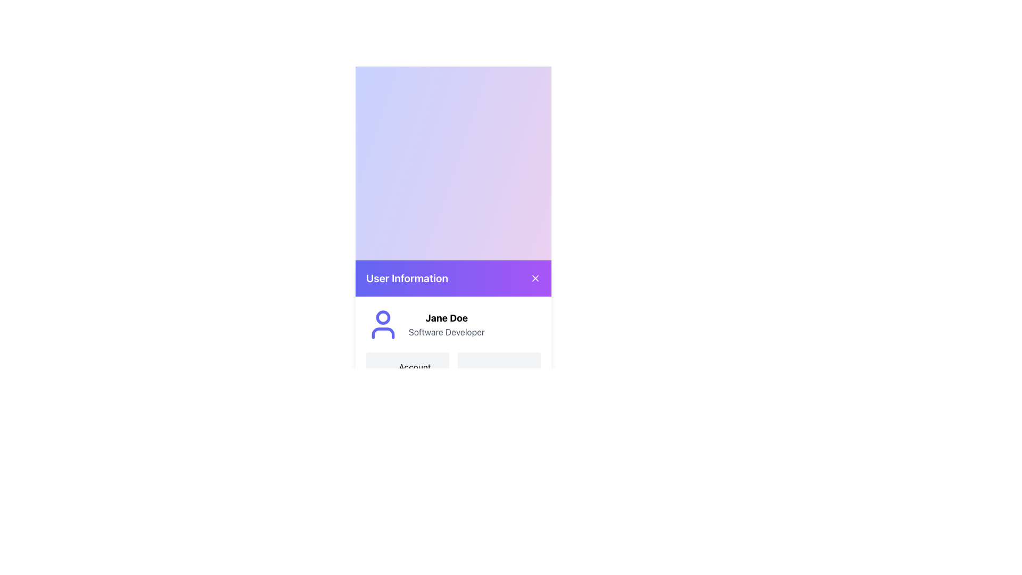 The height and width of the screenshot is (575, 1022). What do you see at coordinates (535, 277) in the screenshot?
I see `the close icon located in the top right corner of the 'User Information' header bar` at bounding box center [535, 277].